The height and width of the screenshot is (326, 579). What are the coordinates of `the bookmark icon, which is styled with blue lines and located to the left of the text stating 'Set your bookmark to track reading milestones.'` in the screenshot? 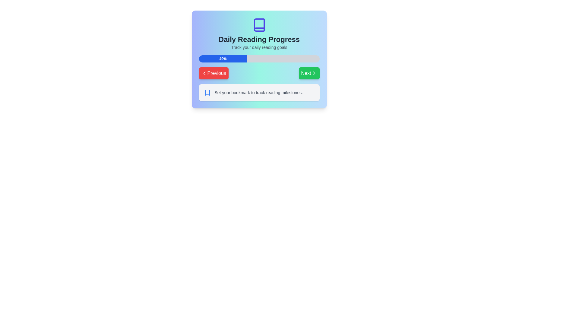 It's located at (207, 93).